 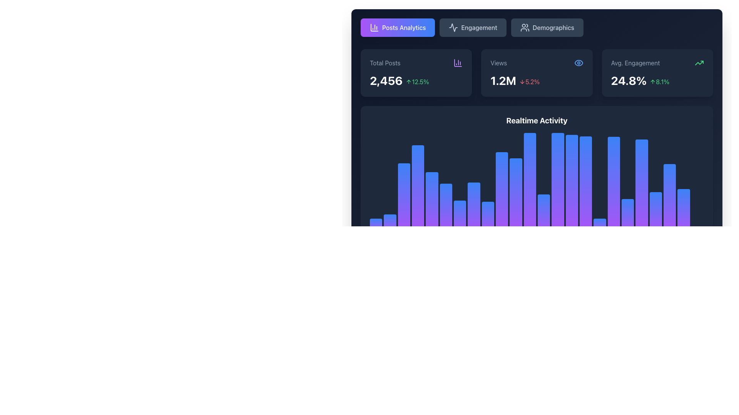 What do you see at coordinates (503, 80) in the screenshot?
I see `the numerical value displaying total views in millions, located centrally within the 'Views' card on the dashboard interface` at bounding box center [503, 80].